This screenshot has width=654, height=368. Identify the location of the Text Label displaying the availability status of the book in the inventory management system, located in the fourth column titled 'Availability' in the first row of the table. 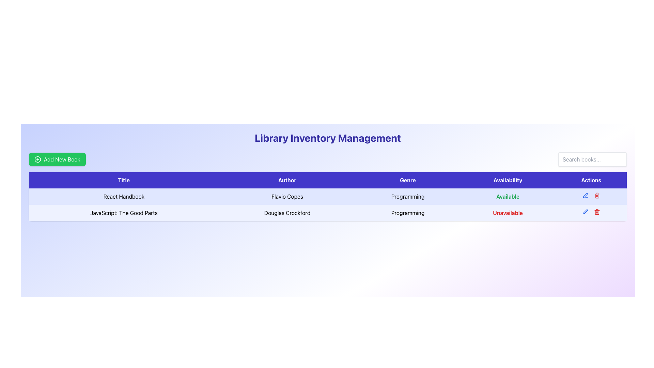
(508, 197).